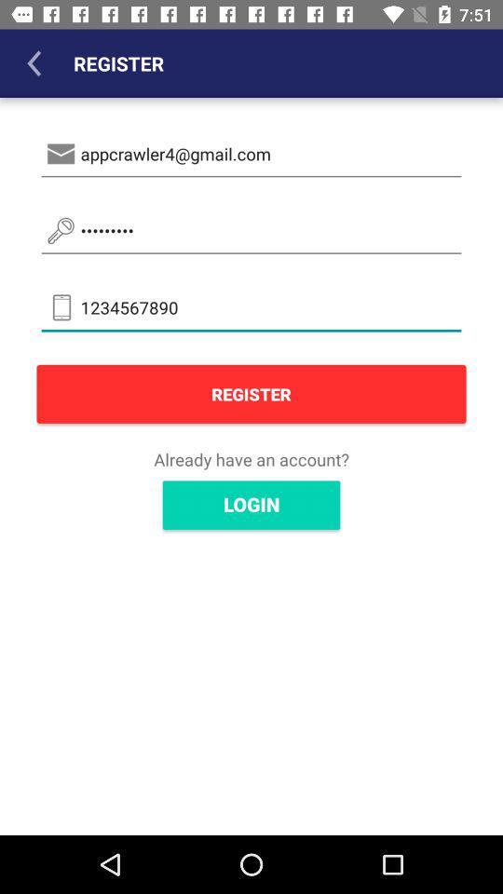 This screenshot has height=894, width=503. Describe the element at coordinates (251, 230) in the screenshot. I see `crowd3116 icon` at that location.